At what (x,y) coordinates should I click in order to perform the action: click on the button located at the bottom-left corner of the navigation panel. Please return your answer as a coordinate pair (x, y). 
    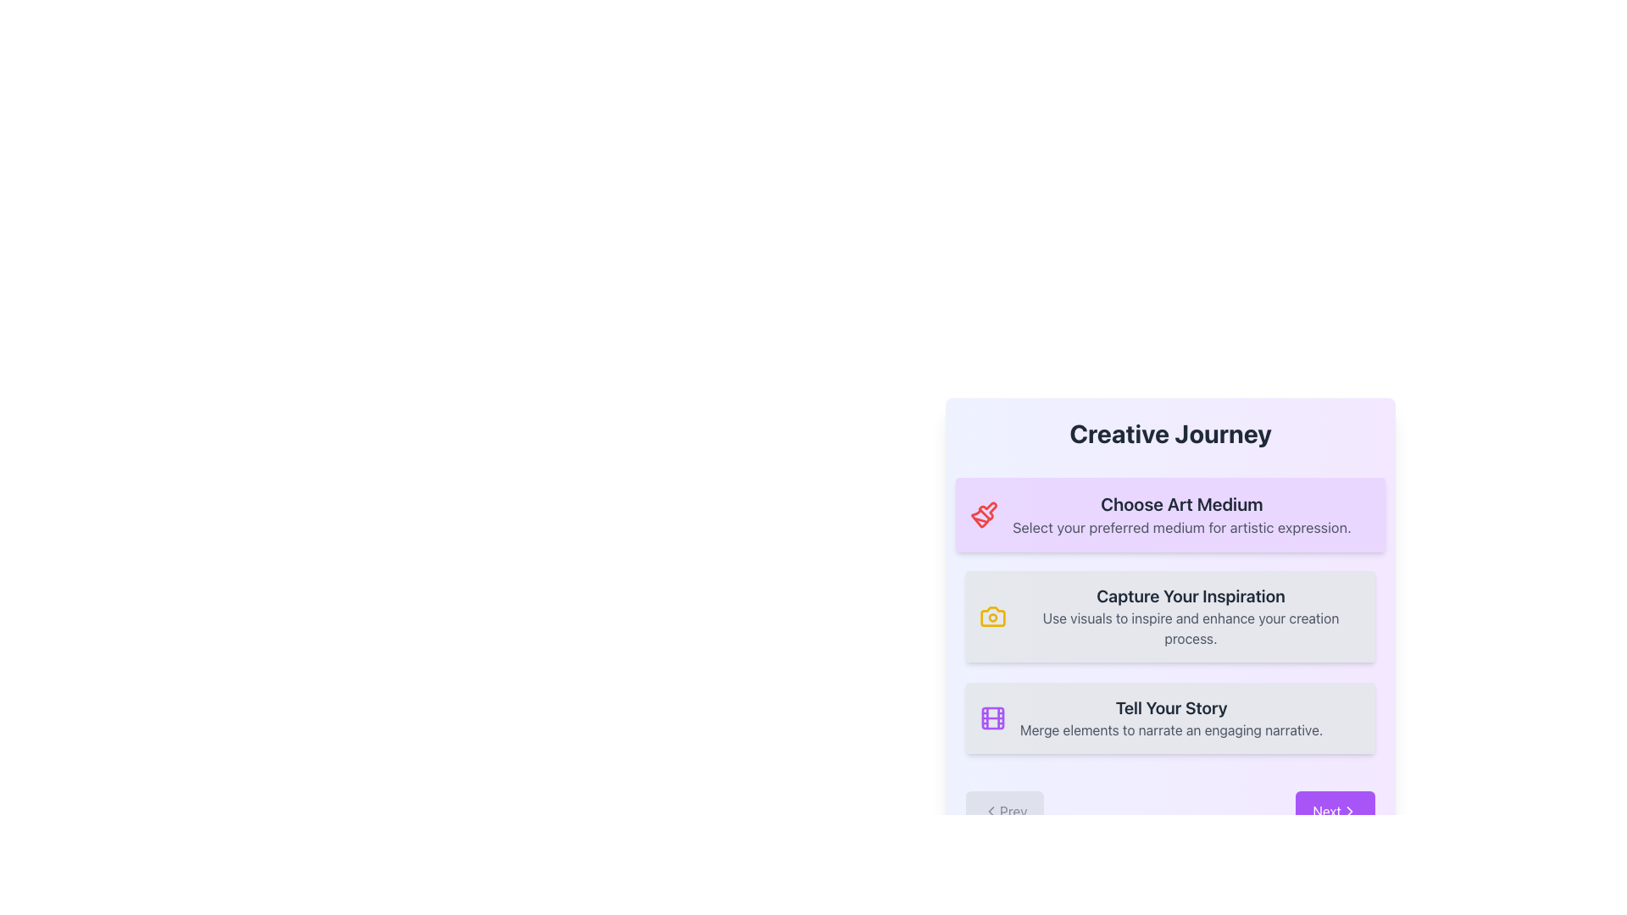
    Looking at the image, I should click on (1005, 810).